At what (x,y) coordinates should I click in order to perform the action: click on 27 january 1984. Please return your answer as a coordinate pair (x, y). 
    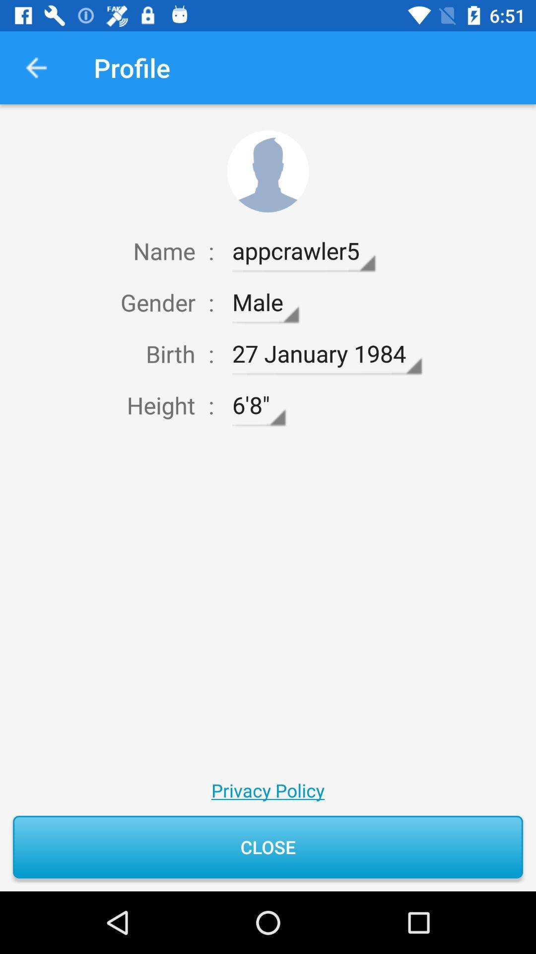
    Looking at the image, I should click on (327, 354).